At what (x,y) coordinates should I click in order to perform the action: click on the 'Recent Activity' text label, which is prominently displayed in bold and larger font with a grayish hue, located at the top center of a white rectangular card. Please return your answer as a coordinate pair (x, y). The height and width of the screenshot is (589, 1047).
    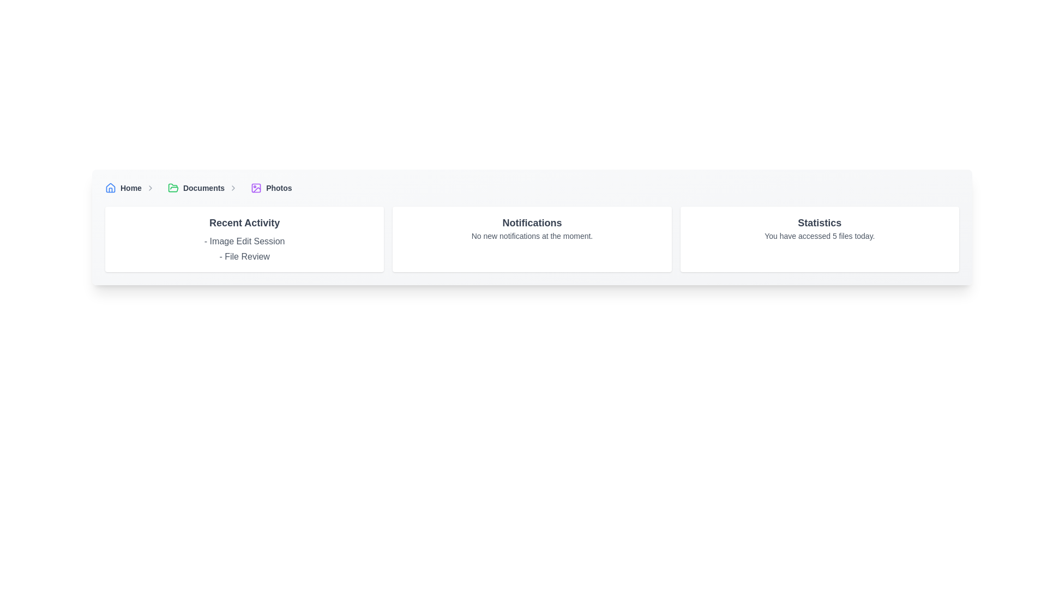
    Looking at the image, I should click on (244, 222).